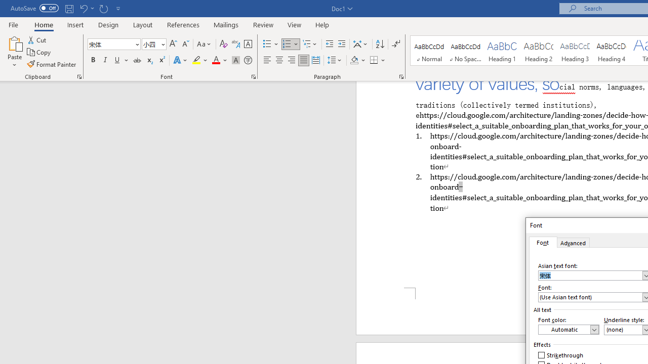 The height and width of the screenshot is (364, 648). Describe the element at coordinates (310, 43) in the screenshot. I see `'Multilevel List'` at that location.